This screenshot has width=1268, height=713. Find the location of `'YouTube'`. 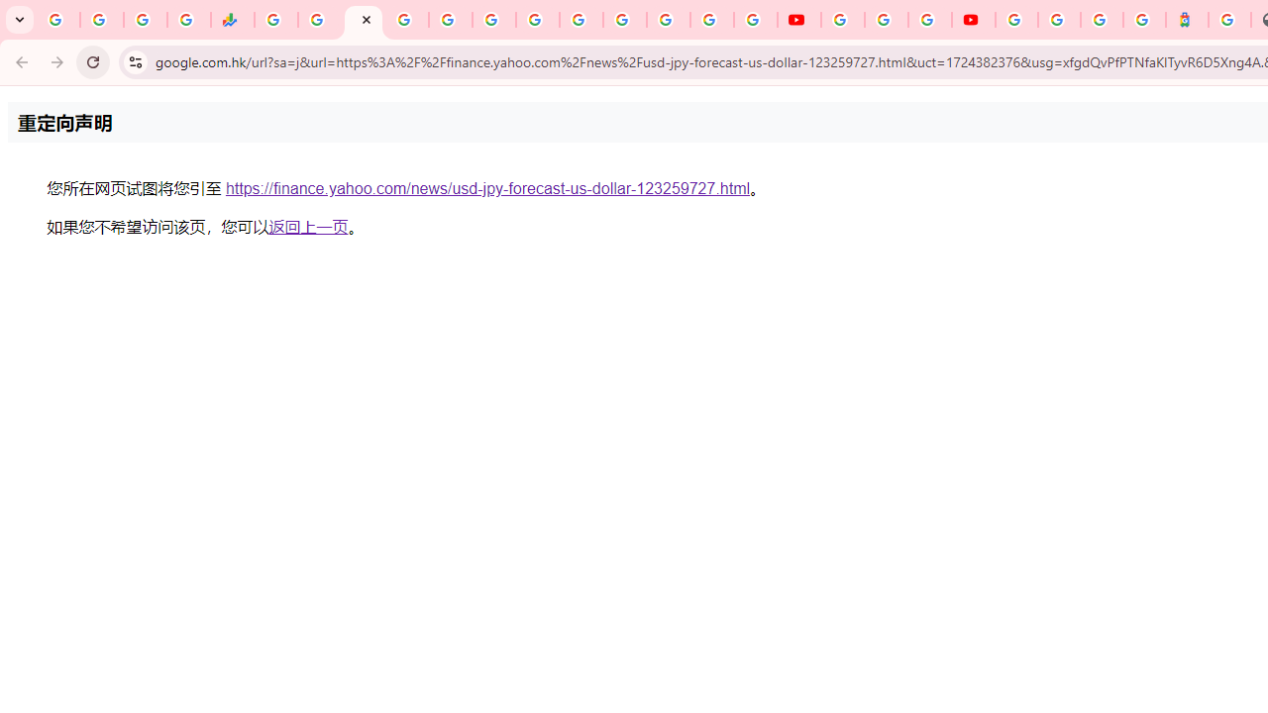

'YouTube' is located at coordinates (799, 20).